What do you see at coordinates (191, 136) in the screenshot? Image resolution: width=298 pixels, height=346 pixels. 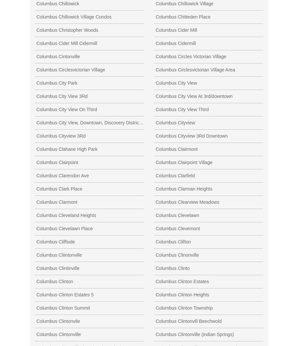 I see `'Columbus Cityview 3Rd Downtown'` at bounding box center [191, 136].